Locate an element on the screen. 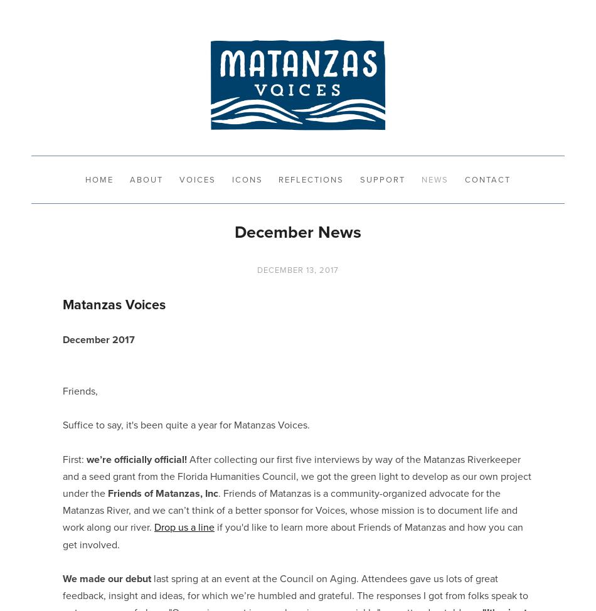 The image size is (596, 611). 'Friends of Matanzas, Inc' is located at coordinates (162, 492).